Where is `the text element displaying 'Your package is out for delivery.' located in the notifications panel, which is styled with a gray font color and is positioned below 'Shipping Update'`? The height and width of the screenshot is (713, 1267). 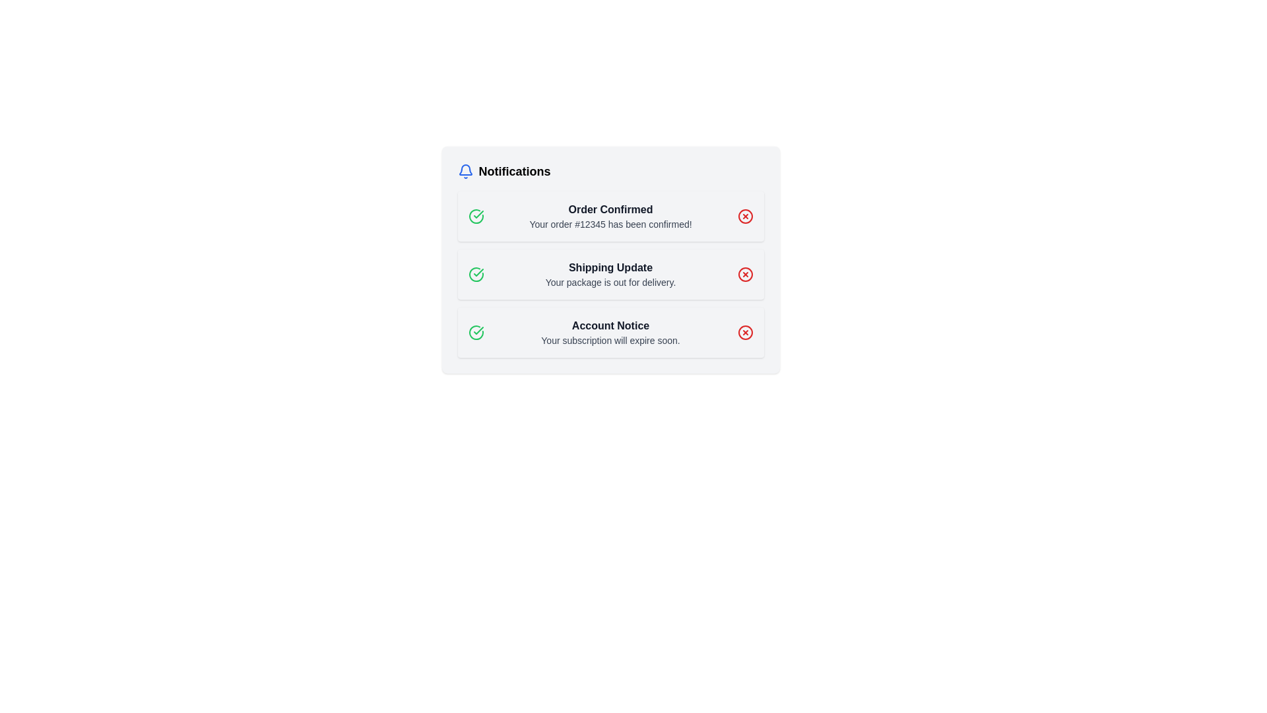
the text element displaying 'Your package is out for delivery.' located in the notifications panel, which is styled with a gray font color and is positioned below 'Shipping Update' is located at coordinates (610, 282).